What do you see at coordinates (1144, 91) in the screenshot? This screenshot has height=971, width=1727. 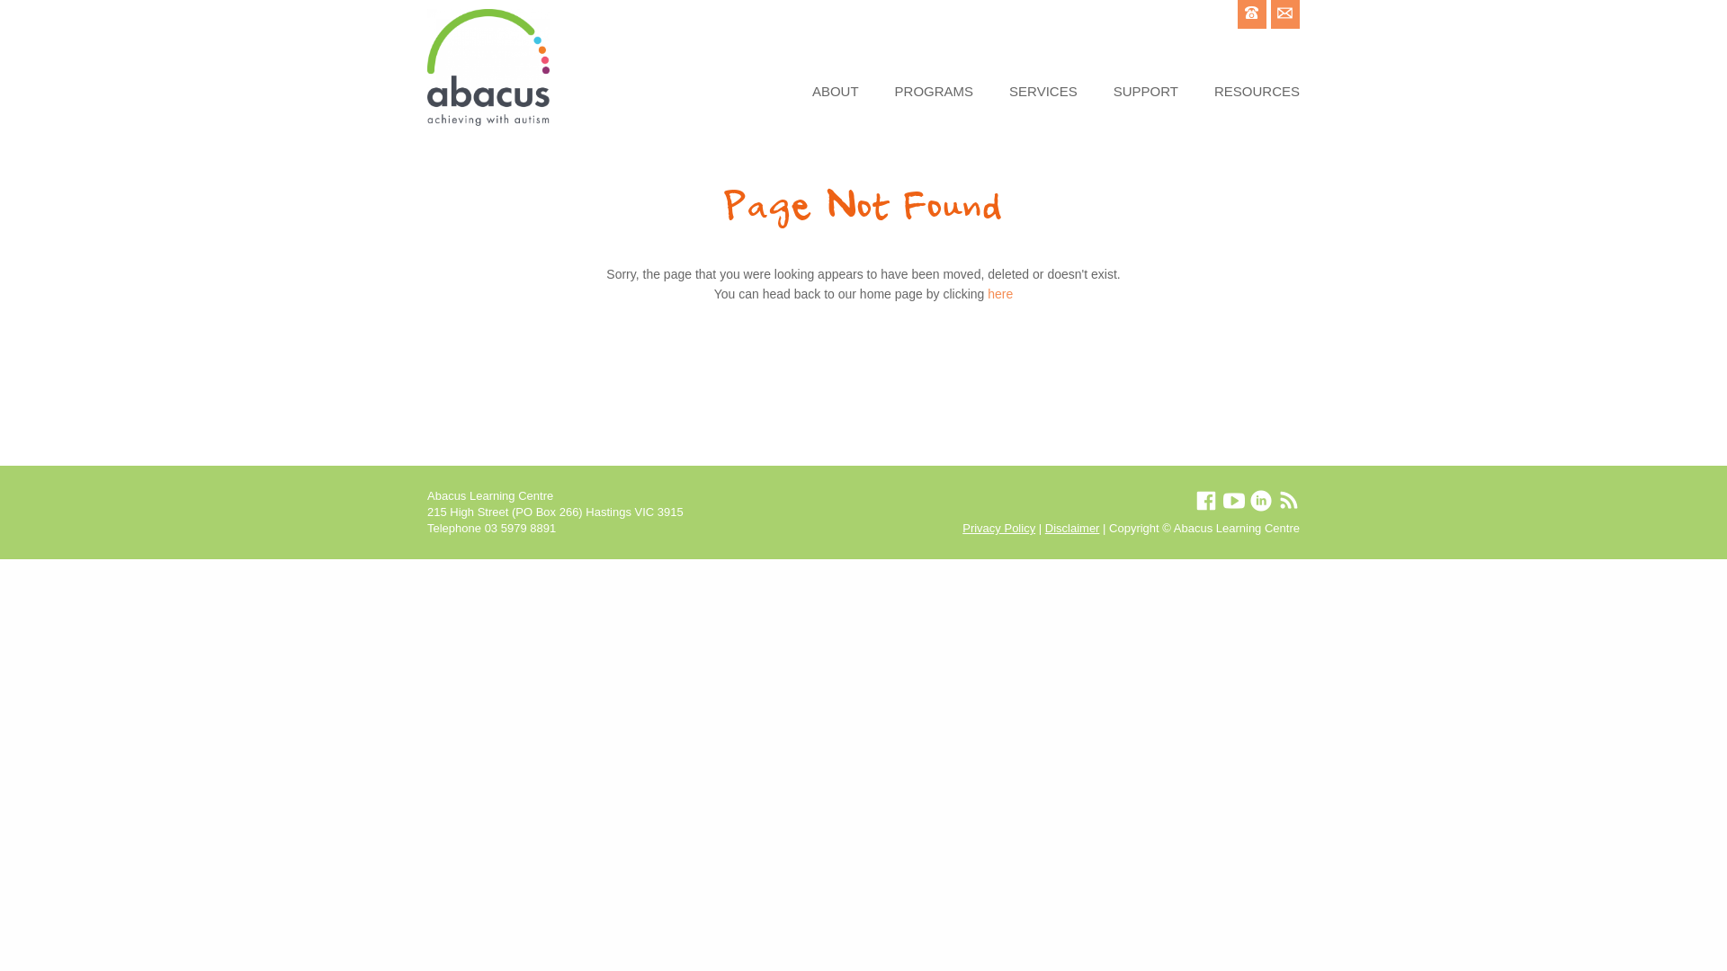 I see `'SUPPORT'` at bounding box center [1144, 91].